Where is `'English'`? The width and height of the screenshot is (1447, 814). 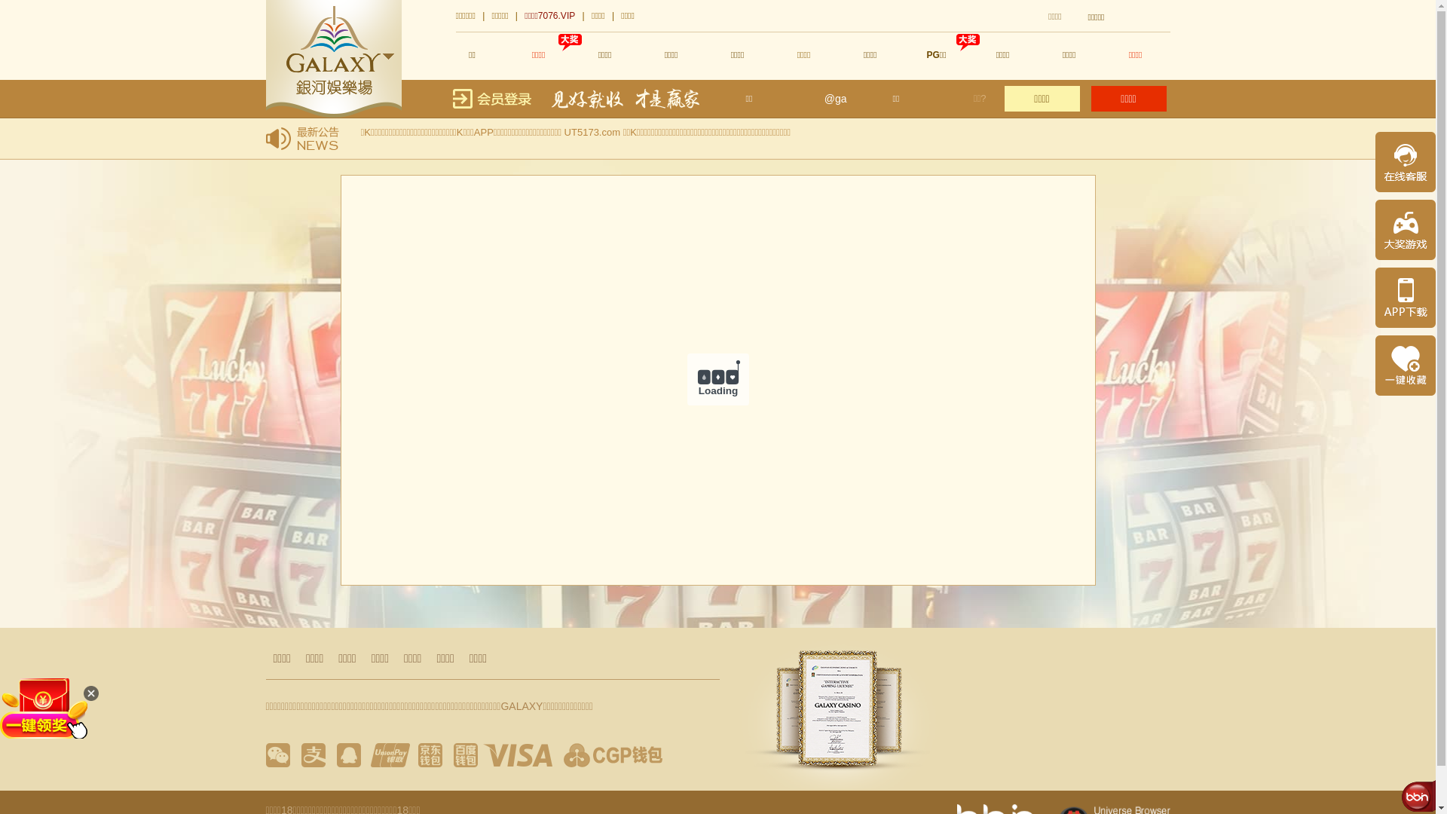
'English' is located at coordinates (1149, 17).